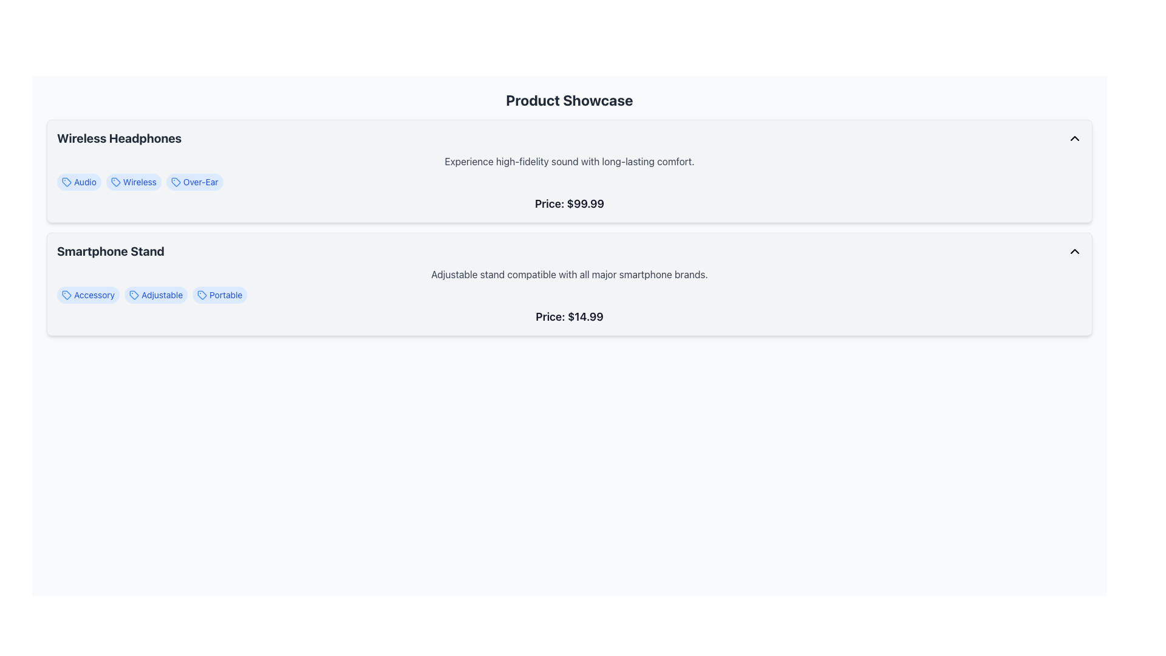  I want to click on the blue tag icon positioned to the left of the 'Portable' text in the second row under the 'Product Showcase' header, so click(202, 295).